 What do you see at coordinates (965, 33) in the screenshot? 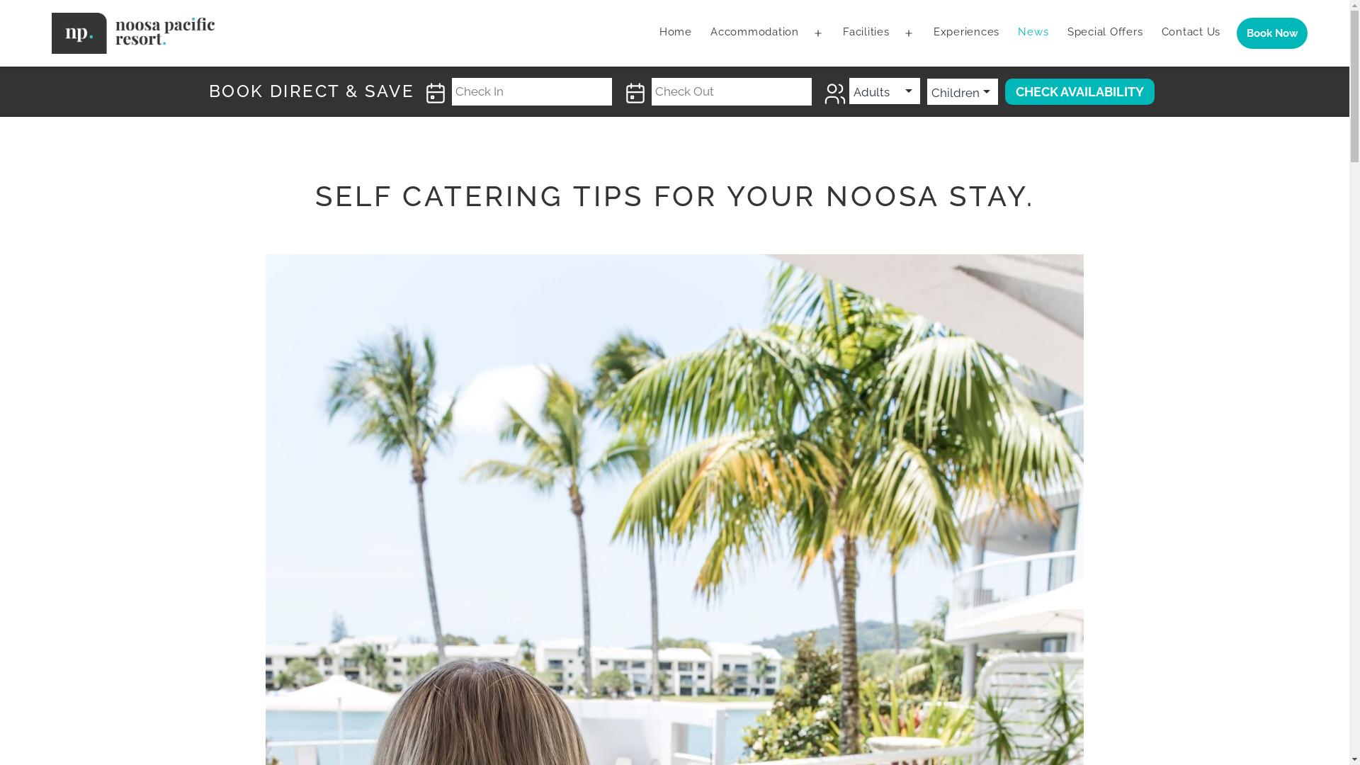
I see `'Experiences'` at bounding box center [965, 33].